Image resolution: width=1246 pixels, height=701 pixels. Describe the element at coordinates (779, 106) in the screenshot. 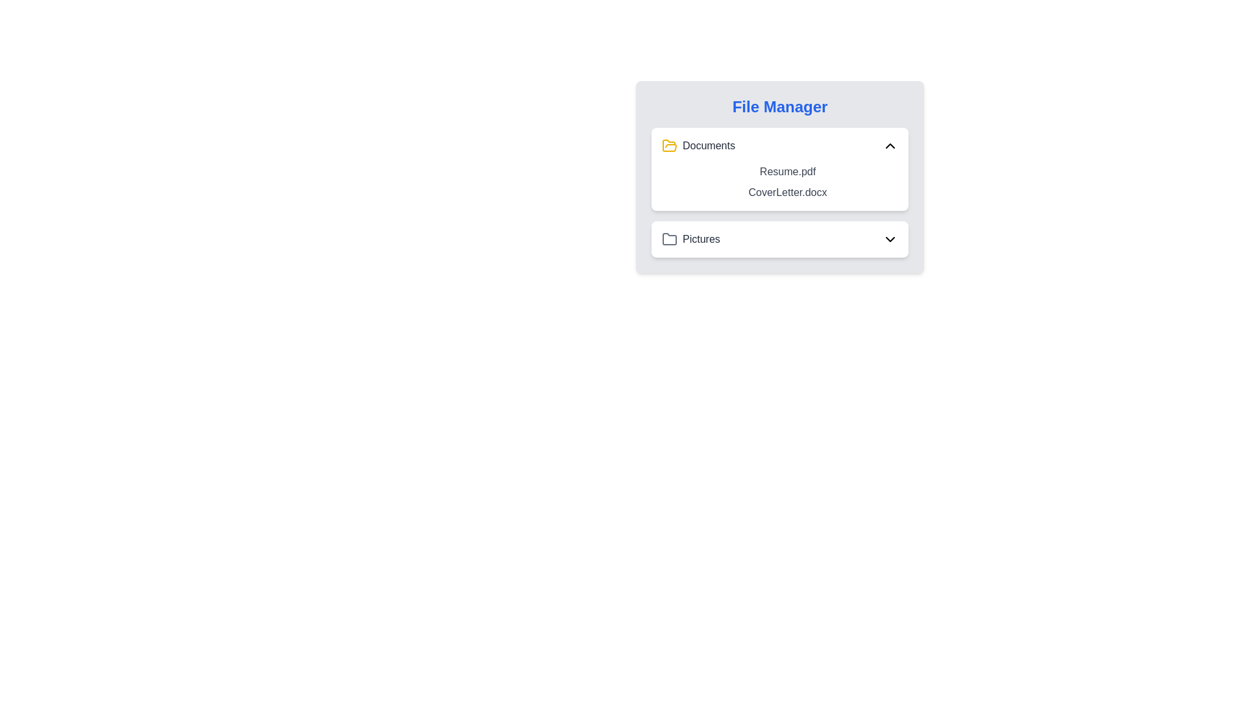

I see `the 'File Manager' text label, which is displayed in bold blue font at the top of the file management interface` at that location.